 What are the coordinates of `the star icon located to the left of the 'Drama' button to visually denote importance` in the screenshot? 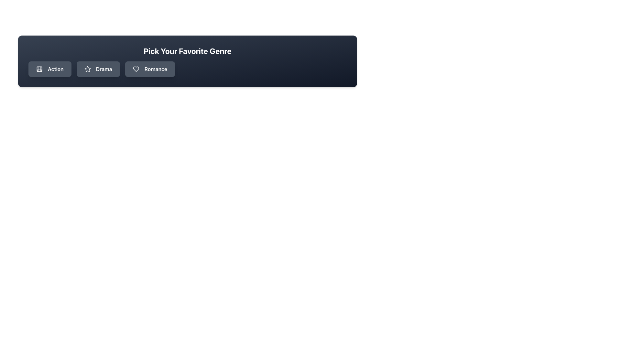 It's located at (87, 69).